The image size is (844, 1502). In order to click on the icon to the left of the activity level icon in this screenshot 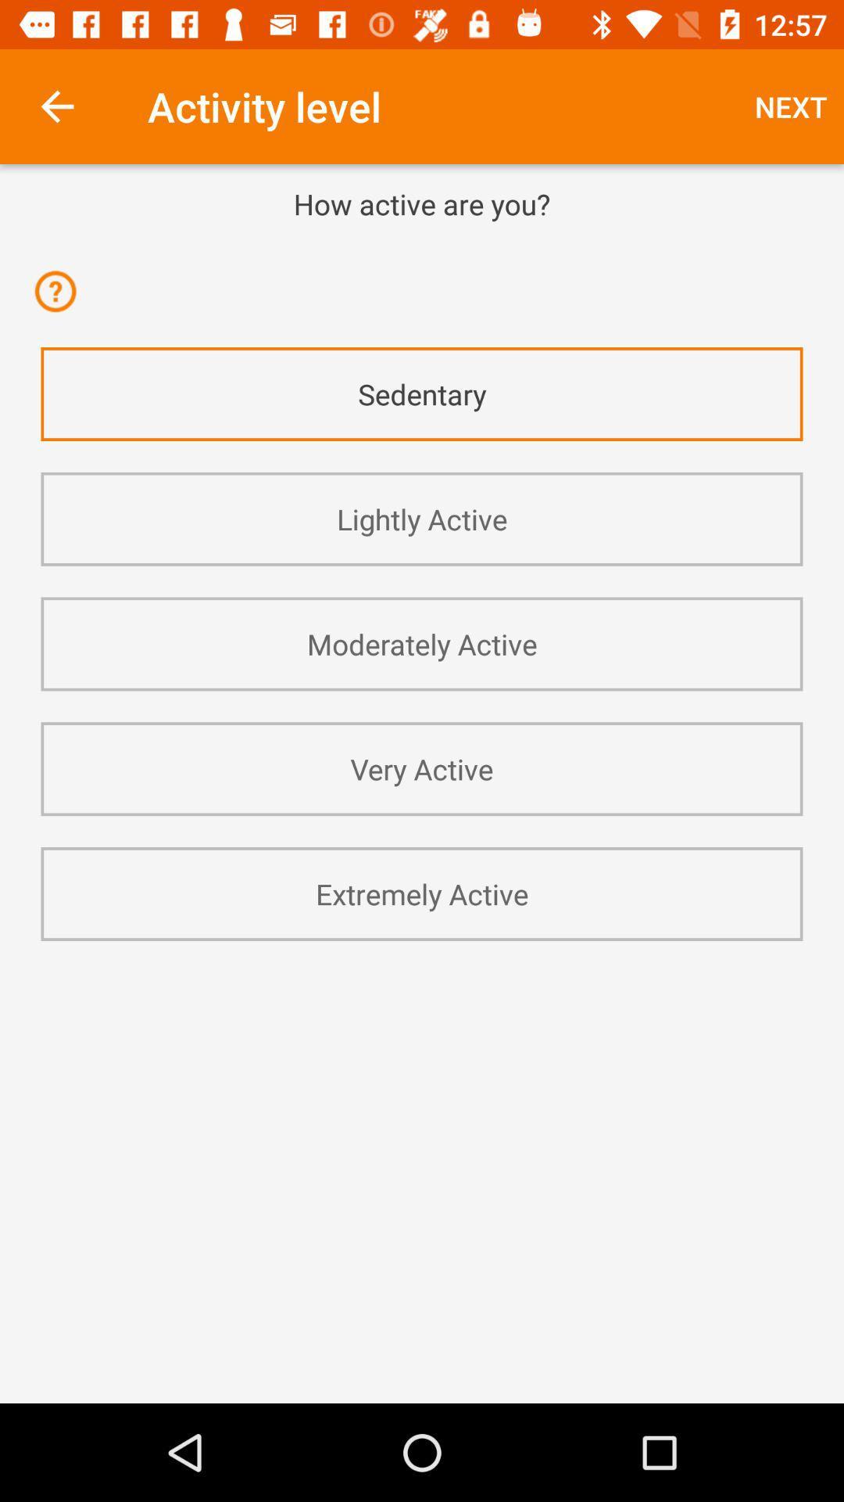, I will do `click(56, 106)`.